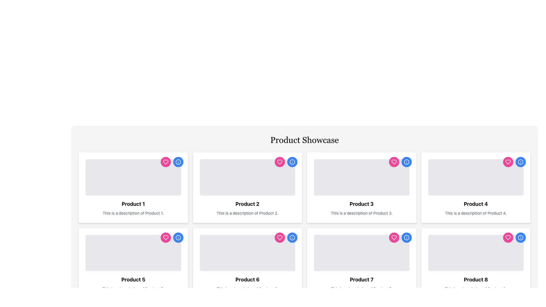  What do you see at coordinates (165, 162) in the screenshot?
I see `the heart-shaped icon outlined with a pink stroke located in the top-right corner of the 'Product 2' card` at bounding box center [165, 162].